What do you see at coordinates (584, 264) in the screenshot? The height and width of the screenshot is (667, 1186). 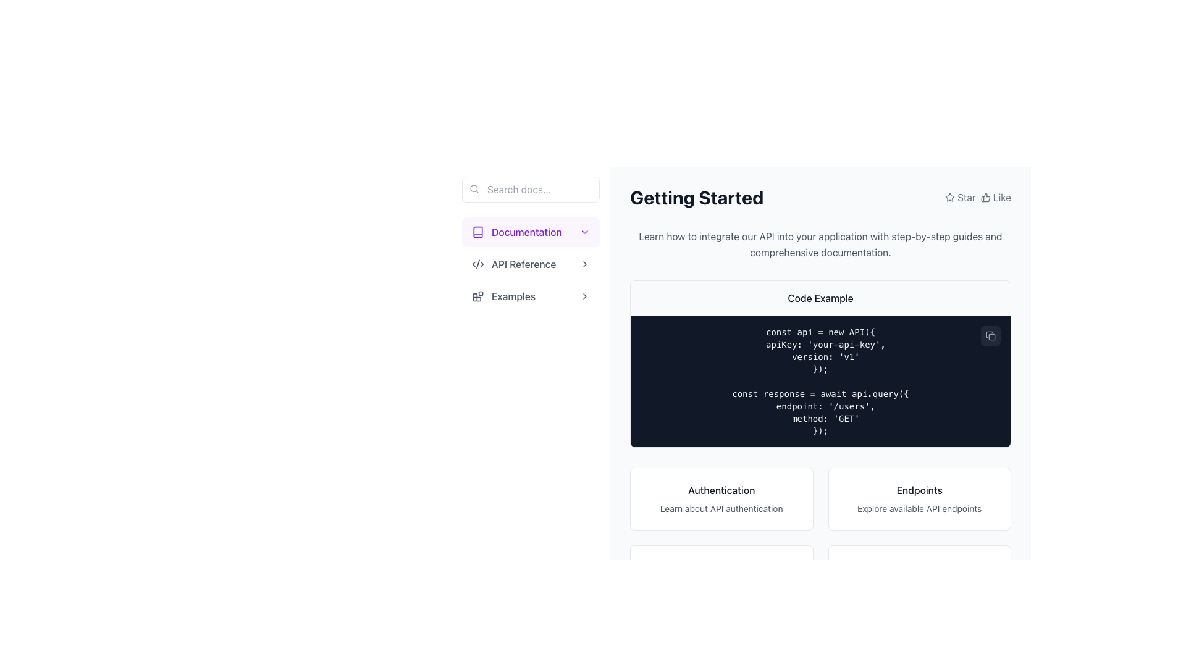 I see `the right-facing chevron icon located to the right of the 'API Reference' navigation item` at bounding box center [584, 264].